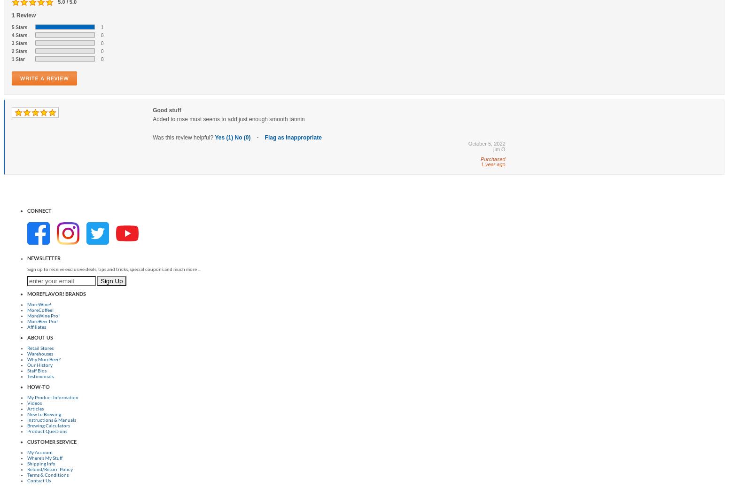 The image size is (740, 503). Describe the element at coordinates (480, 163) in the screenshot. I see `'1 year ago'` at that location.